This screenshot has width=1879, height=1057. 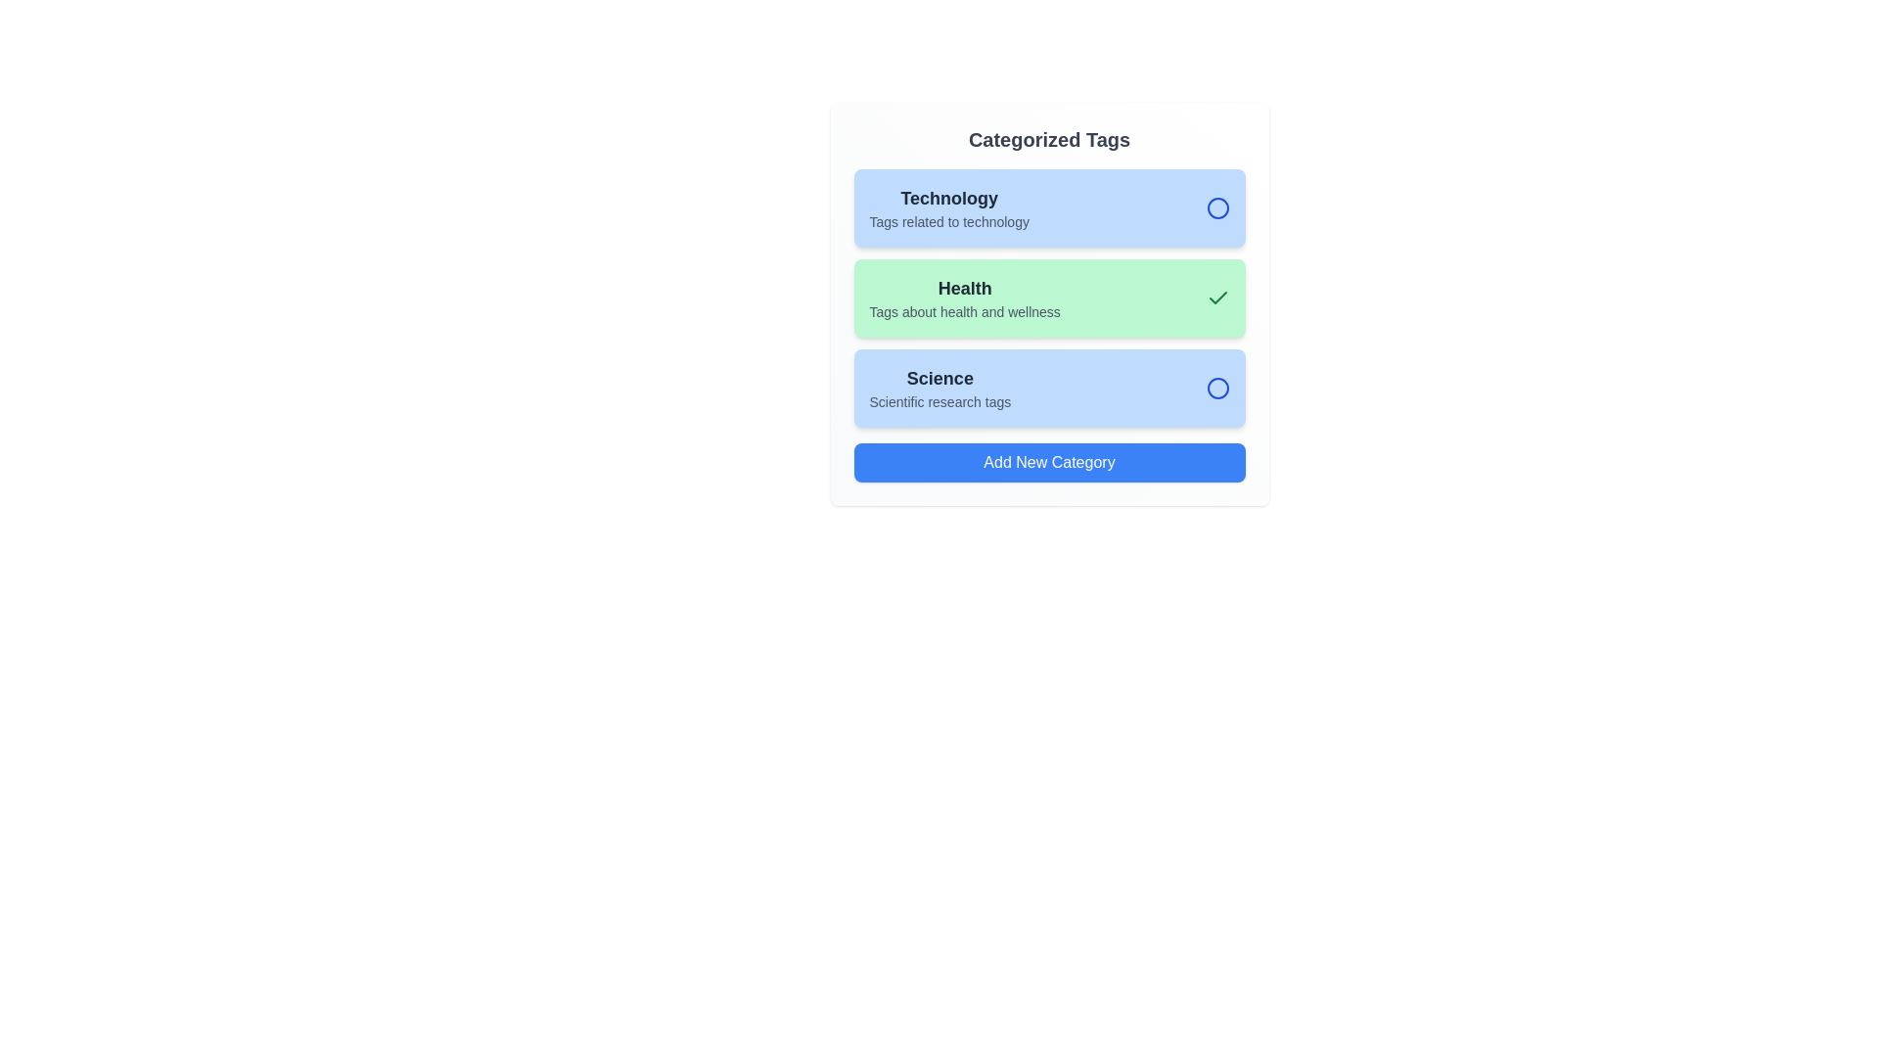 What do you see at coordinates (1048, 207) in the screenshot?
I see `the category Technology to toggle its selected state` at bounding box center [1048, 207].